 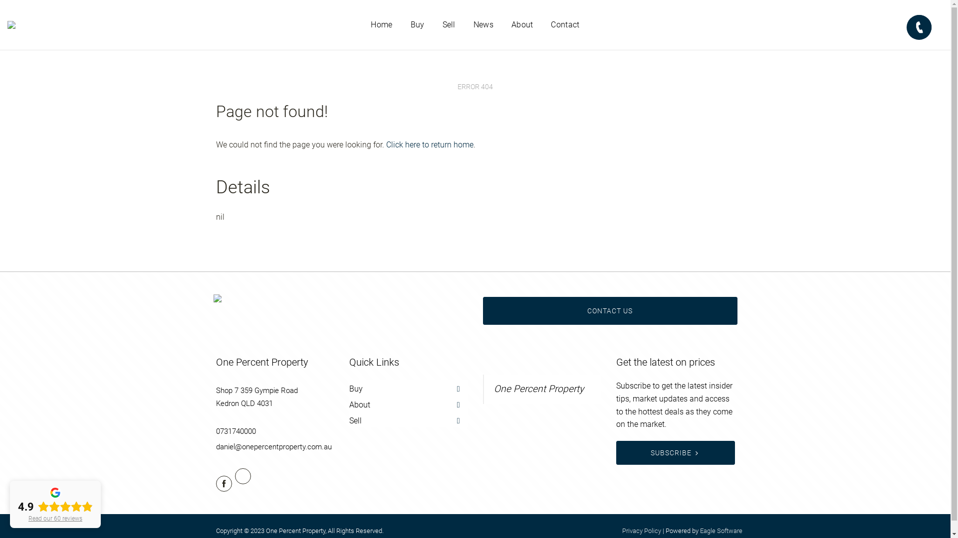 What do you see at coordinates (430, 144) in the screenshot?
I see `'Click here to return home'` at bounding box center [430, 144].